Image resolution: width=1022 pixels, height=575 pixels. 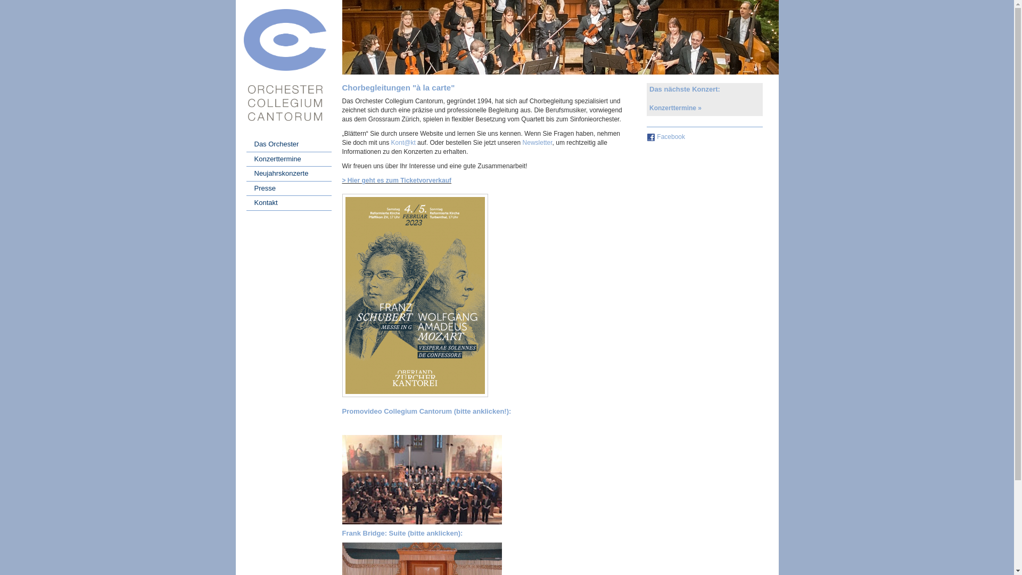 I want to click on 'Facebook', so click(x=670, y=136).